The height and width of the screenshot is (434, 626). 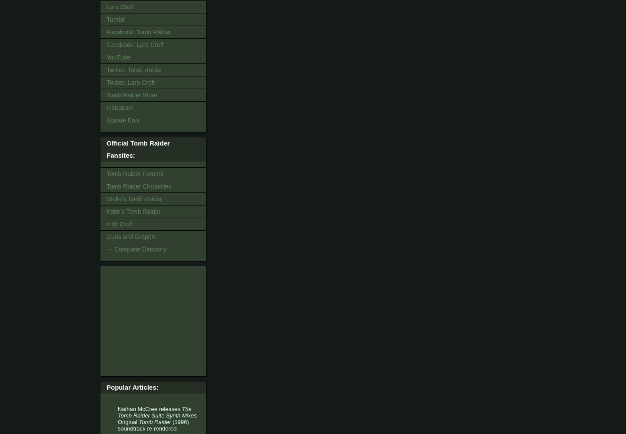 I want to click on 'Facebook: Tomb Raider', so click(x=138, y=32).